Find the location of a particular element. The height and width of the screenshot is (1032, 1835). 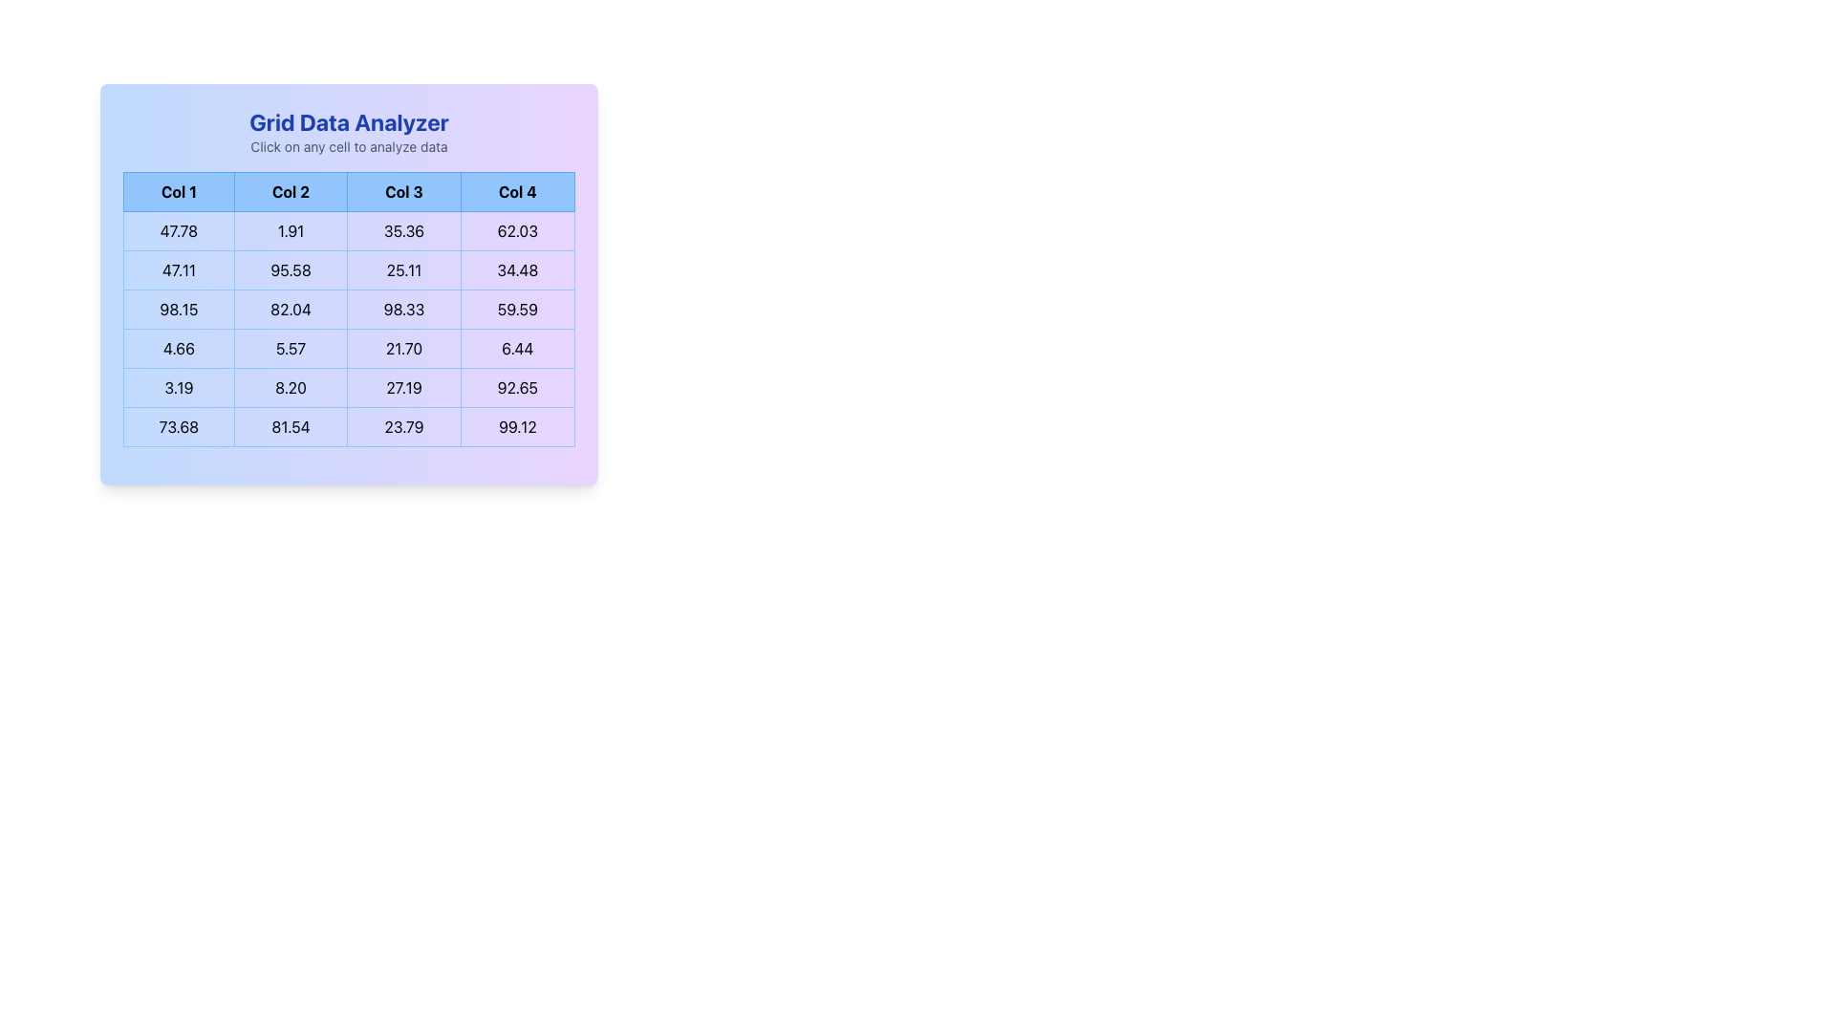

the grid table cell containing the value '62.03' located in the first row and fourth column underneath the header 'Col 4' is located at coordinates (517, 230).